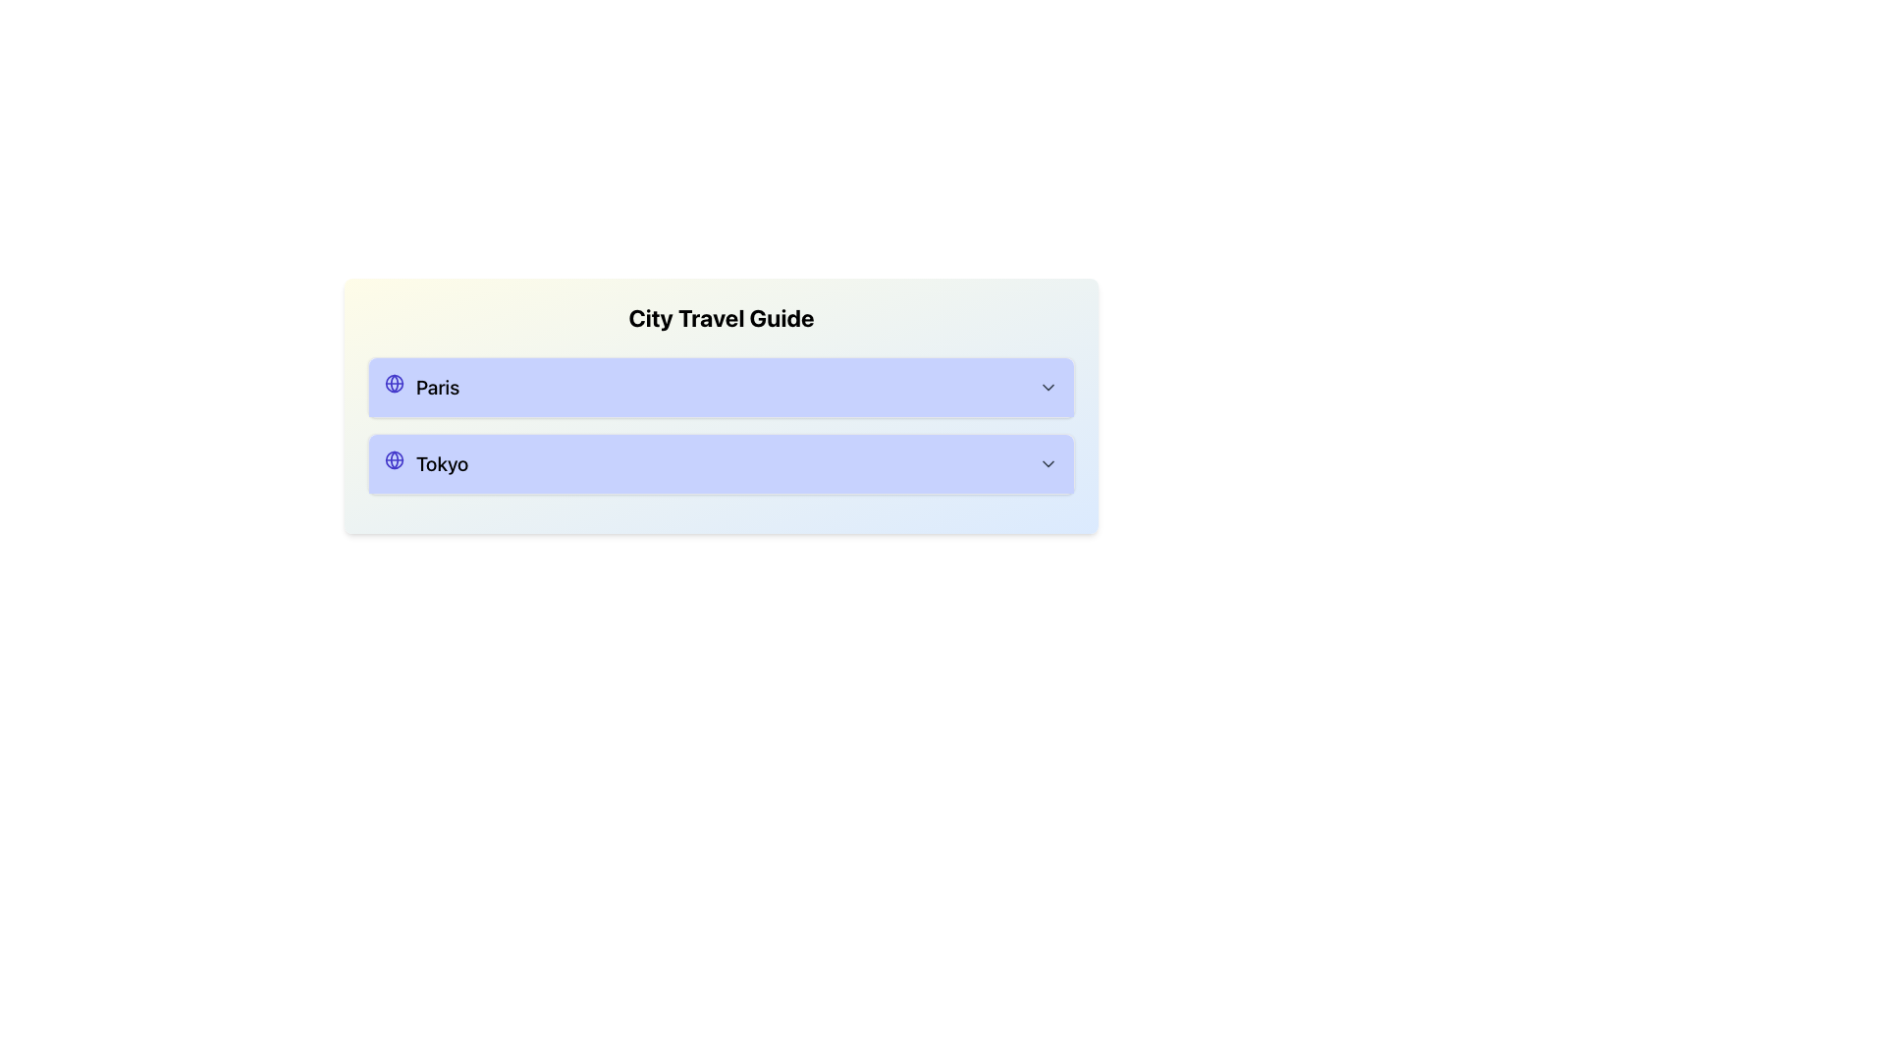 The width and height of the screenshot is (1885, 1060). What do you see at coordinates (1048, 464) in the screenshot?
I see `the downward-pointing chevron icon next to the 'Tokyo' text within the light indigo box` at bounding box center [1048, 464].